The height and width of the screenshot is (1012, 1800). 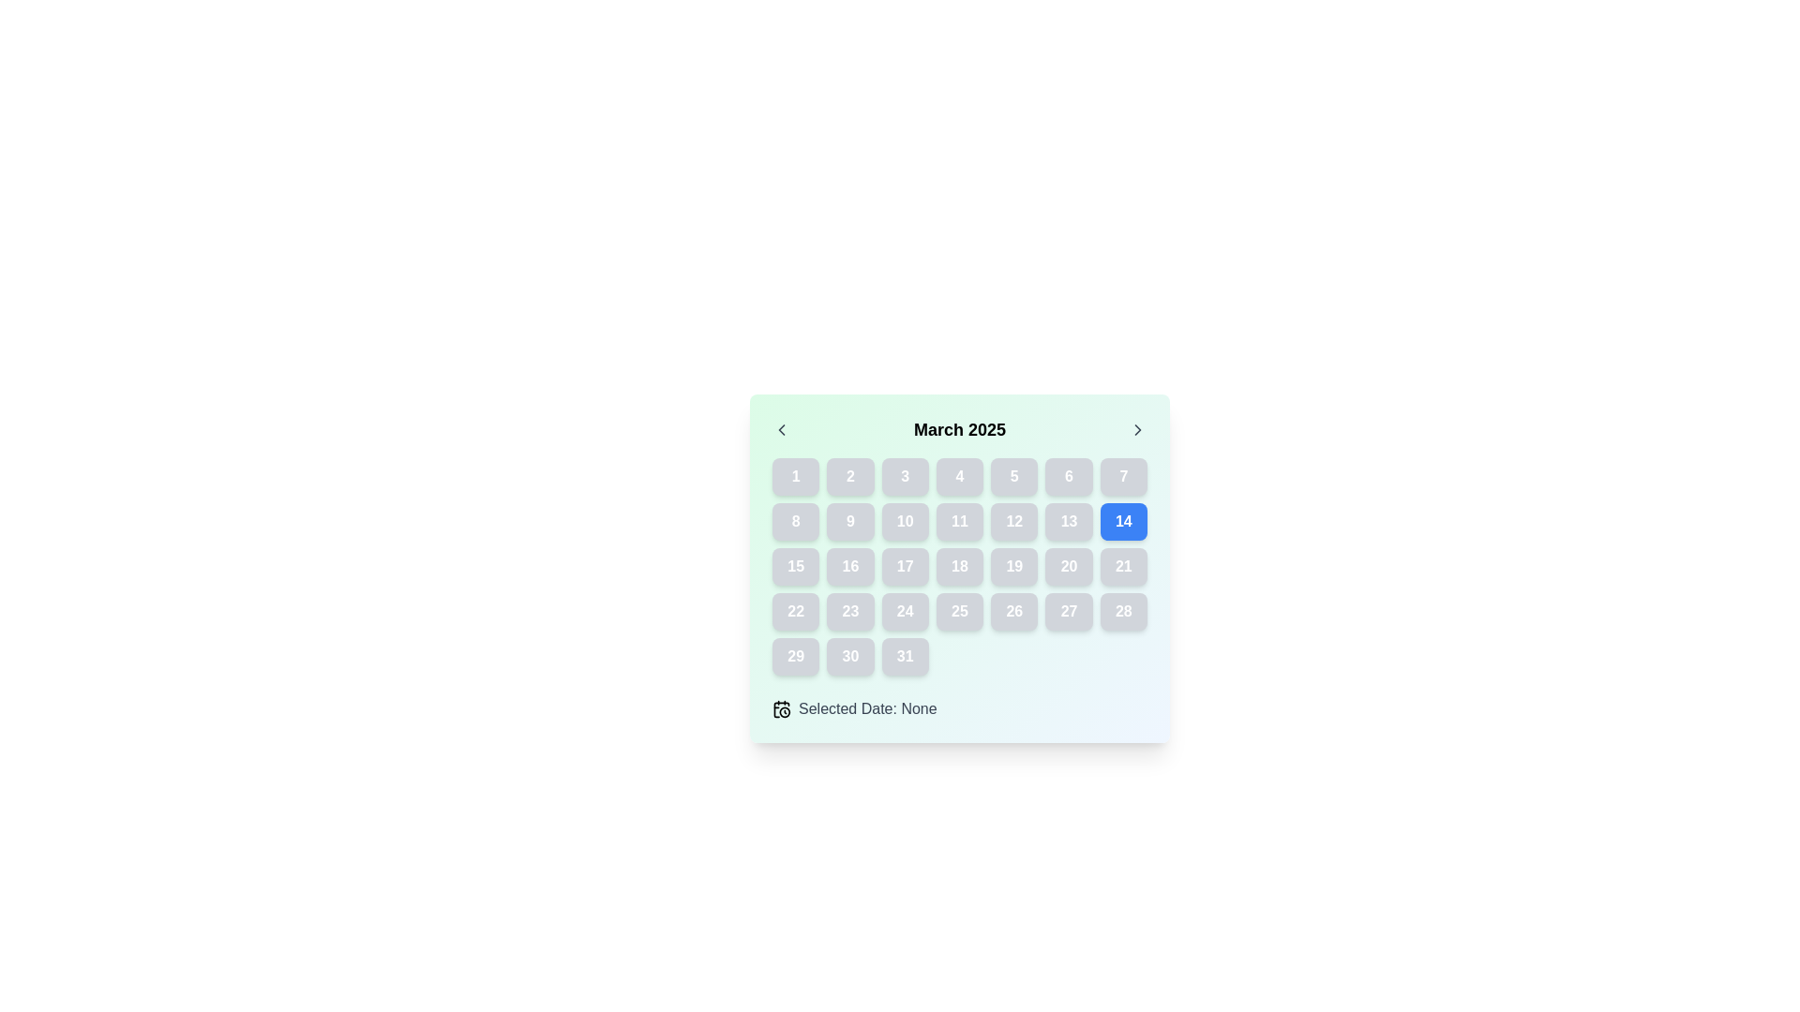 I want to click on the date button '3' in the calendar grid, so click(x=905, y=476).